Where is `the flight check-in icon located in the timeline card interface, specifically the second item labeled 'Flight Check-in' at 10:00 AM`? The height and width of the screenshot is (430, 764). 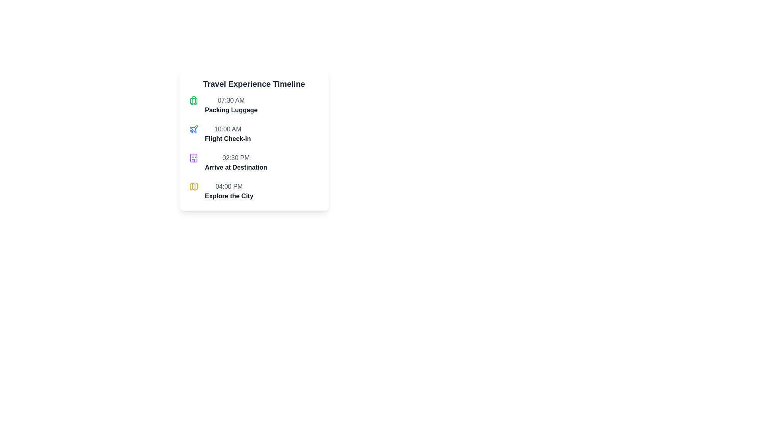
the flight check-in icon located in the timeline card interface, specifically the second item labeled 'Flight Check-in' at 10:00 AM is located at coordinates (194, 129).